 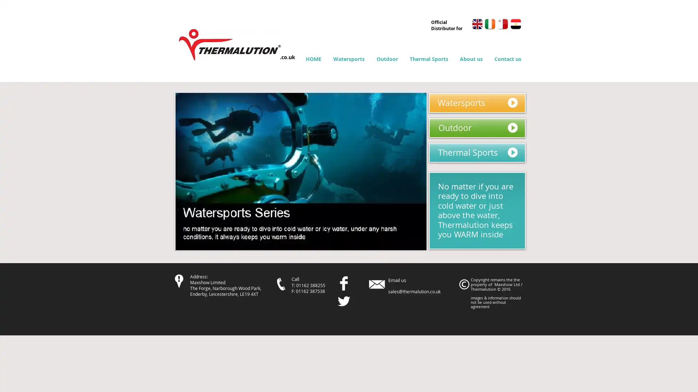 What do you see at coordinates (190, 171) in the screenshot?
I see `previous` at bounding box center [190, 171].